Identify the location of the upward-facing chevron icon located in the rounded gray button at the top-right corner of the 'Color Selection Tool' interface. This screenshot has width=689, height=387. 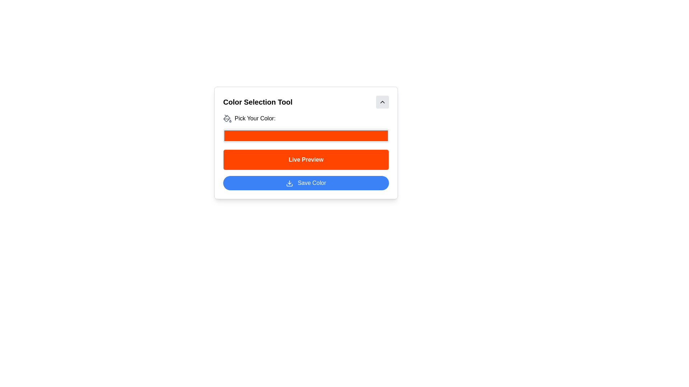
(382, 102).